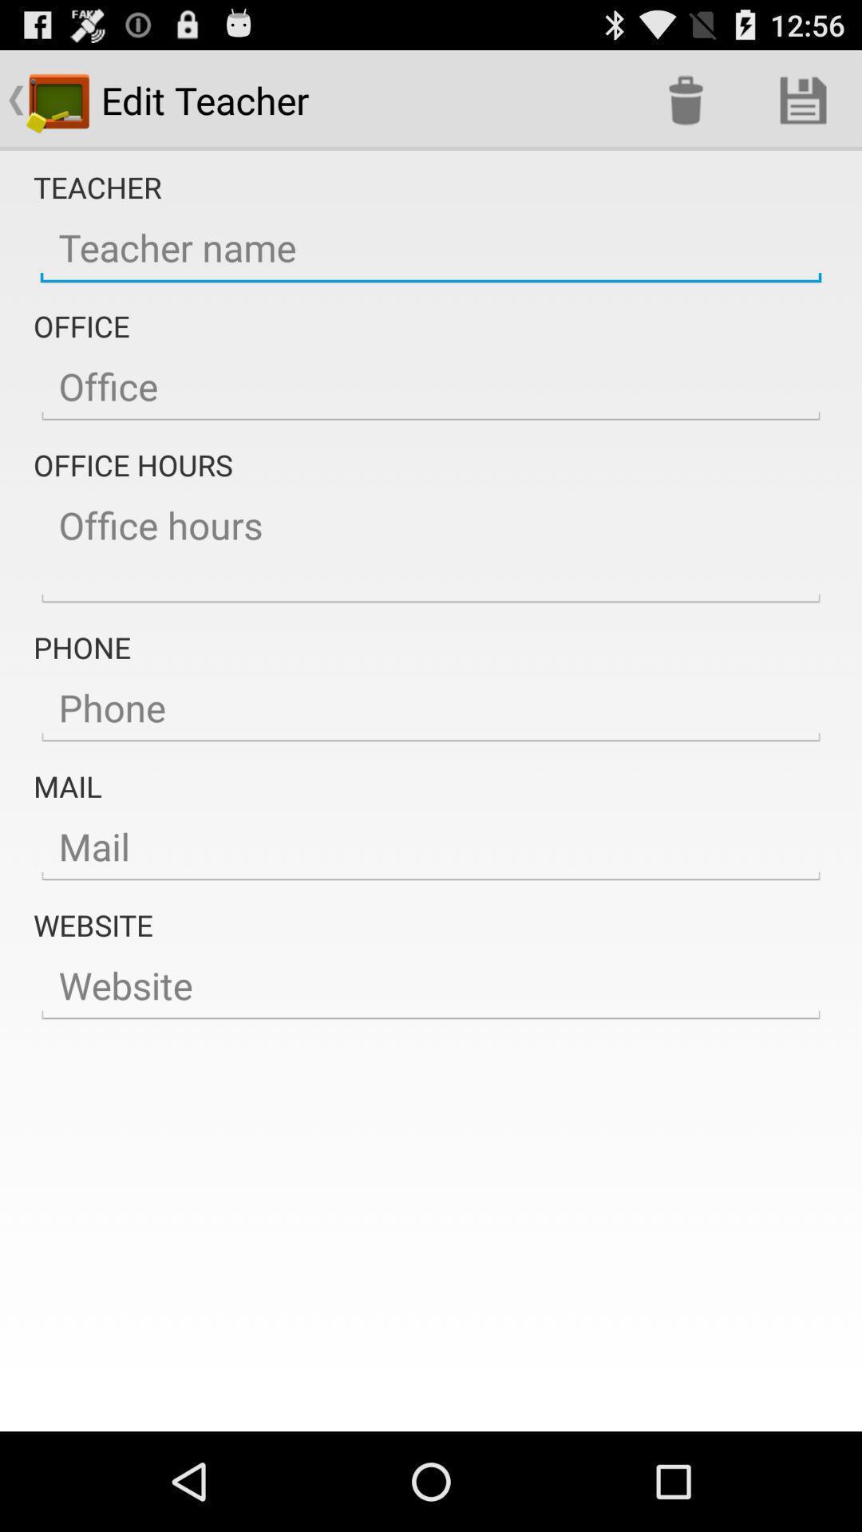  What do you see at coordinates (431, 846) in the screenshot?
I see `e-mail` at bounding box center [431, 846].